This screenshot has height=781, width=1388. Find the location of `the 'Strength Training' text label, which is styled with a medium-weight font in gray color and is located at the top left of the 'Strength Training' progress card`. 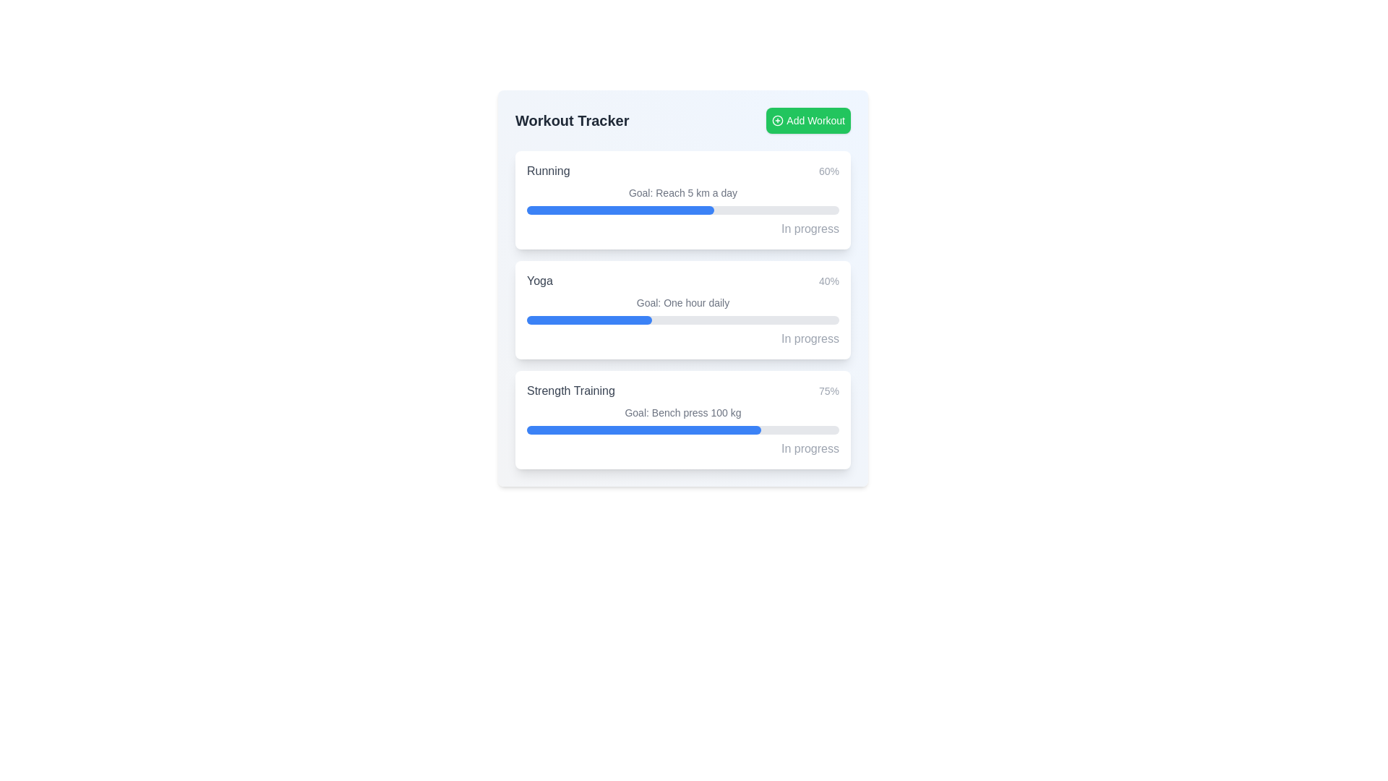

the 'Strength Training' text label, which is styled with a medium-weight font in gray color and is located at the top left of the 'Strength Training' progress card is located at coordinates (570, 390).